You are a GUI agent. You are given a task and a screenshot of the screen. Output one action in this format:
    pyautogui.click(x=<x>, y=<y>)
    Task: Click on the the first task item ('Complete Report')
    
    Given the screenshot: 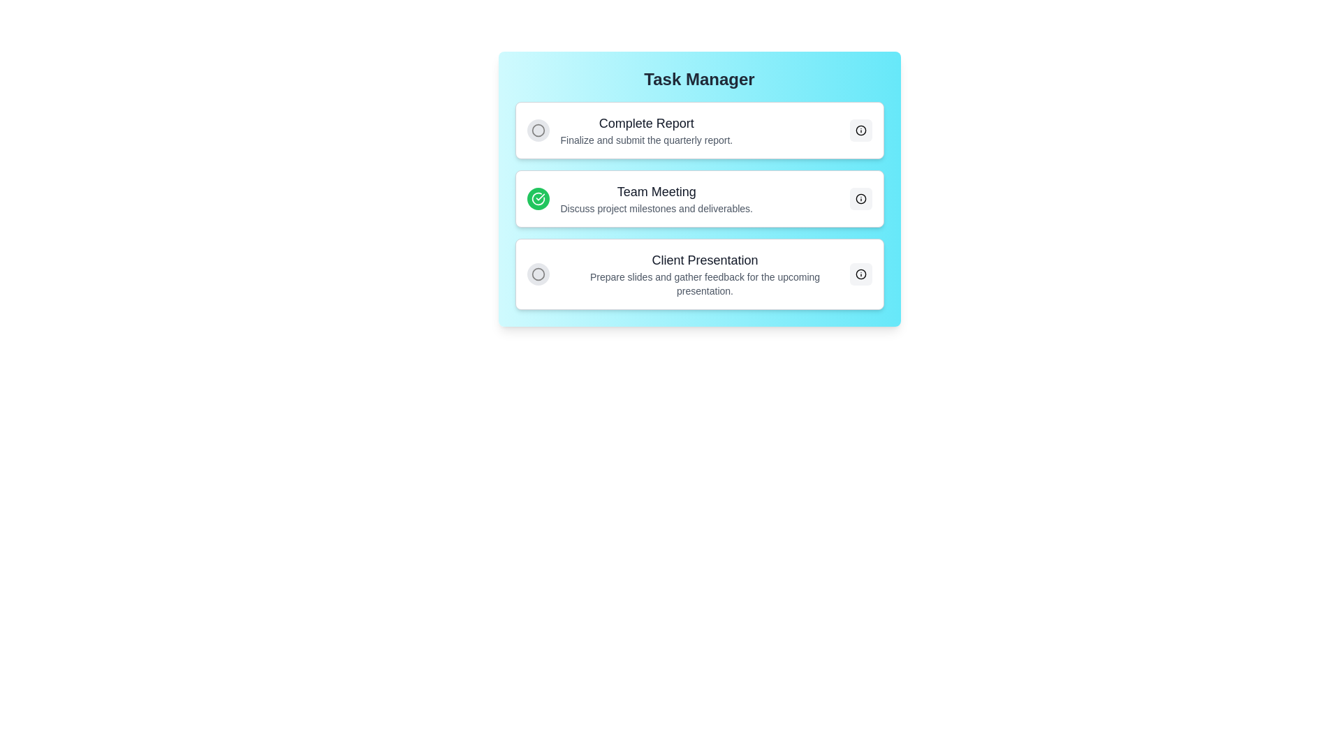 What is the action you would take?
    pyautogui.click(x=629, y=130)
    